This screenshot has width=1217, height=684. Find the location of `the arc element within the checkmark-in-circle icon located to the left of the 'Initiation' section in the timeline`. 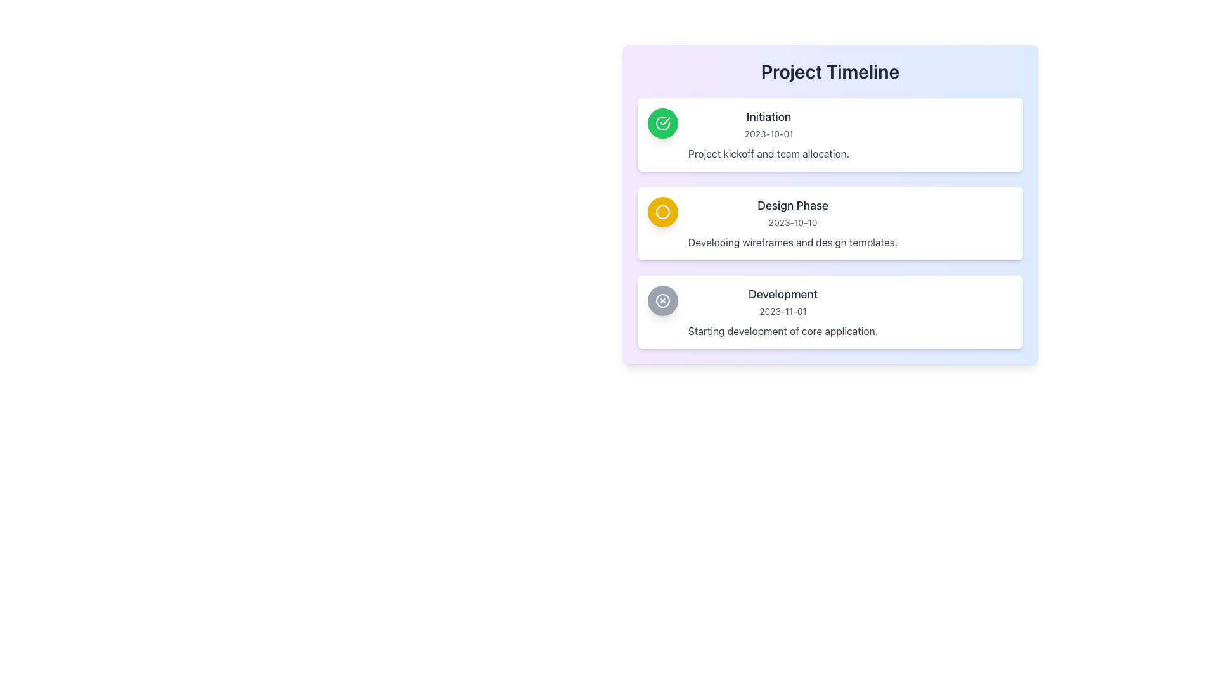

the arc element within the checkmark-in-circle icon located to the left of the 'Initiation' section in the timeline is located at coordinates (662, 123).